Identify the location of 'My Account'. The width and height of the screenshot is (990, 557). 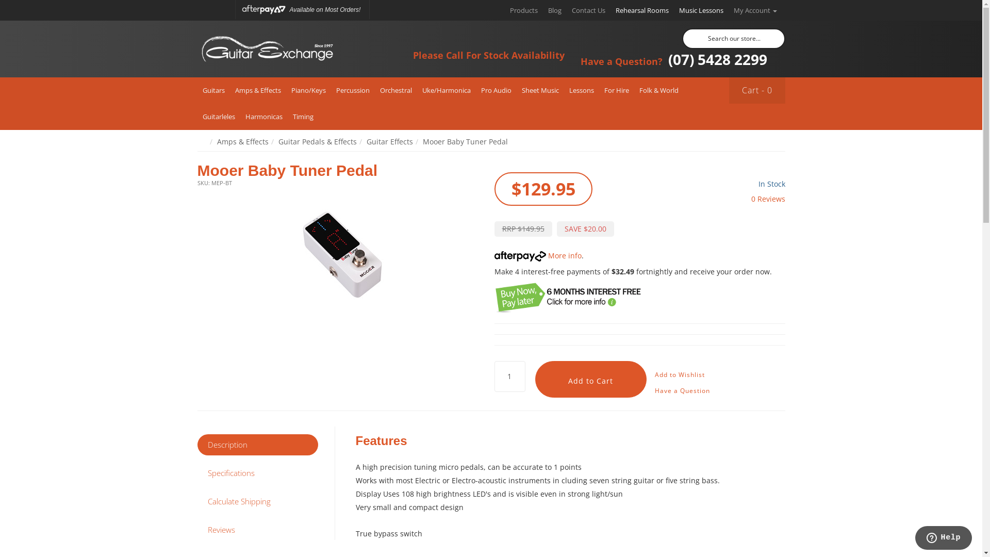
(755, 10).